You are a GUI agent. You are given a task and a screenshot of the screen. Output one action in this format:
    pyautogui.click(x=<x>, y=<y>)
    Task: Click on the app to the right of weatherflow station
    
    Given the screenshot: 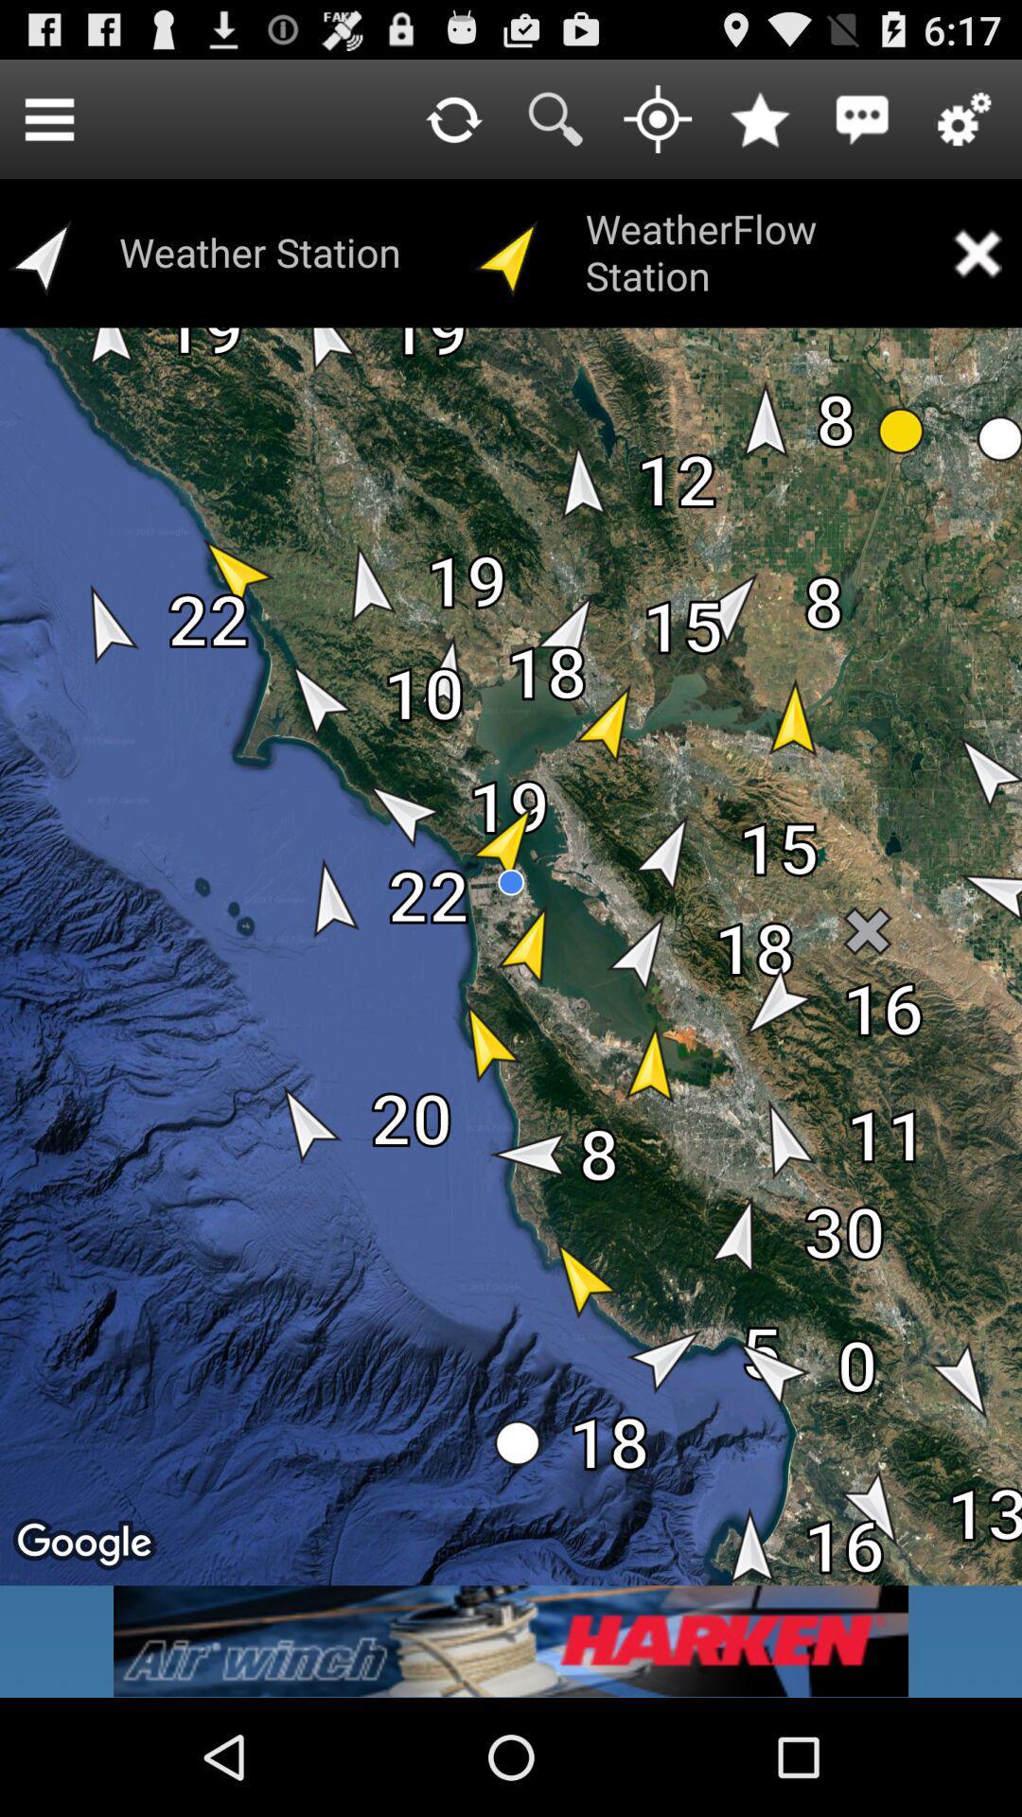 What is the action you would take?
    pyautogui.click(x=977, y=252)
    